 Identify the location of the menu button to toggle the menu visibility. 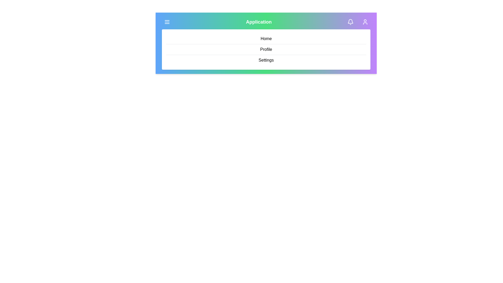
(167, 22).